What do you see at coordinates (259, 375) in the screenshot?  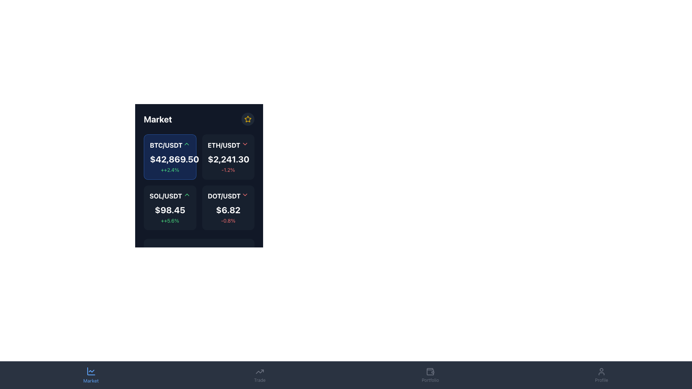 I see `the 'Trade' button located in the bottom navigation bar` at bounding box center [259, 375].